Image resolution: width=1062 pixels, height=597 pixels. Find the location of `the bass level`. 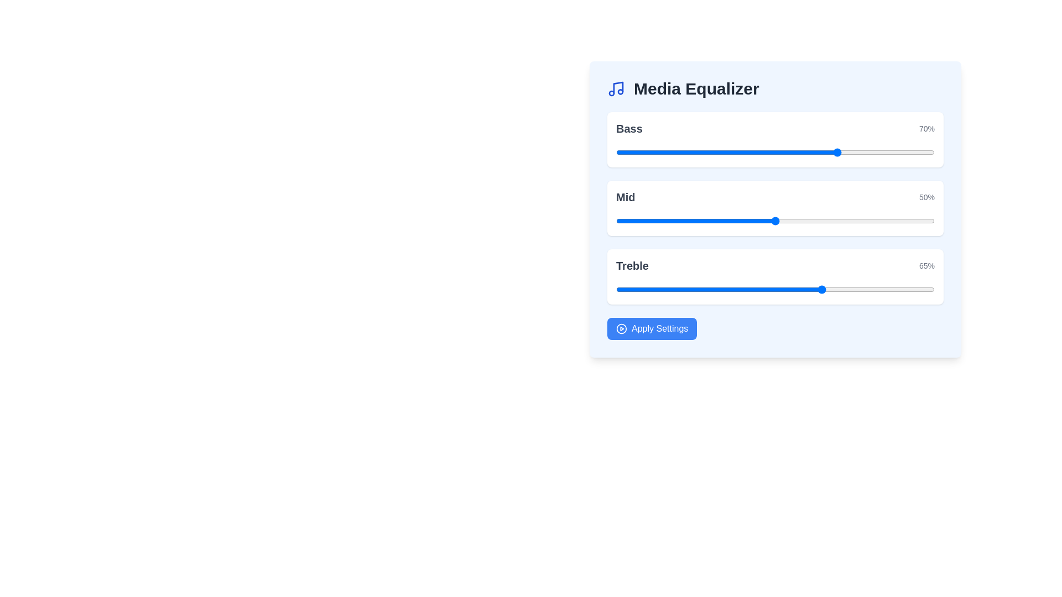

the bass level is located at coordinates (685, 150).